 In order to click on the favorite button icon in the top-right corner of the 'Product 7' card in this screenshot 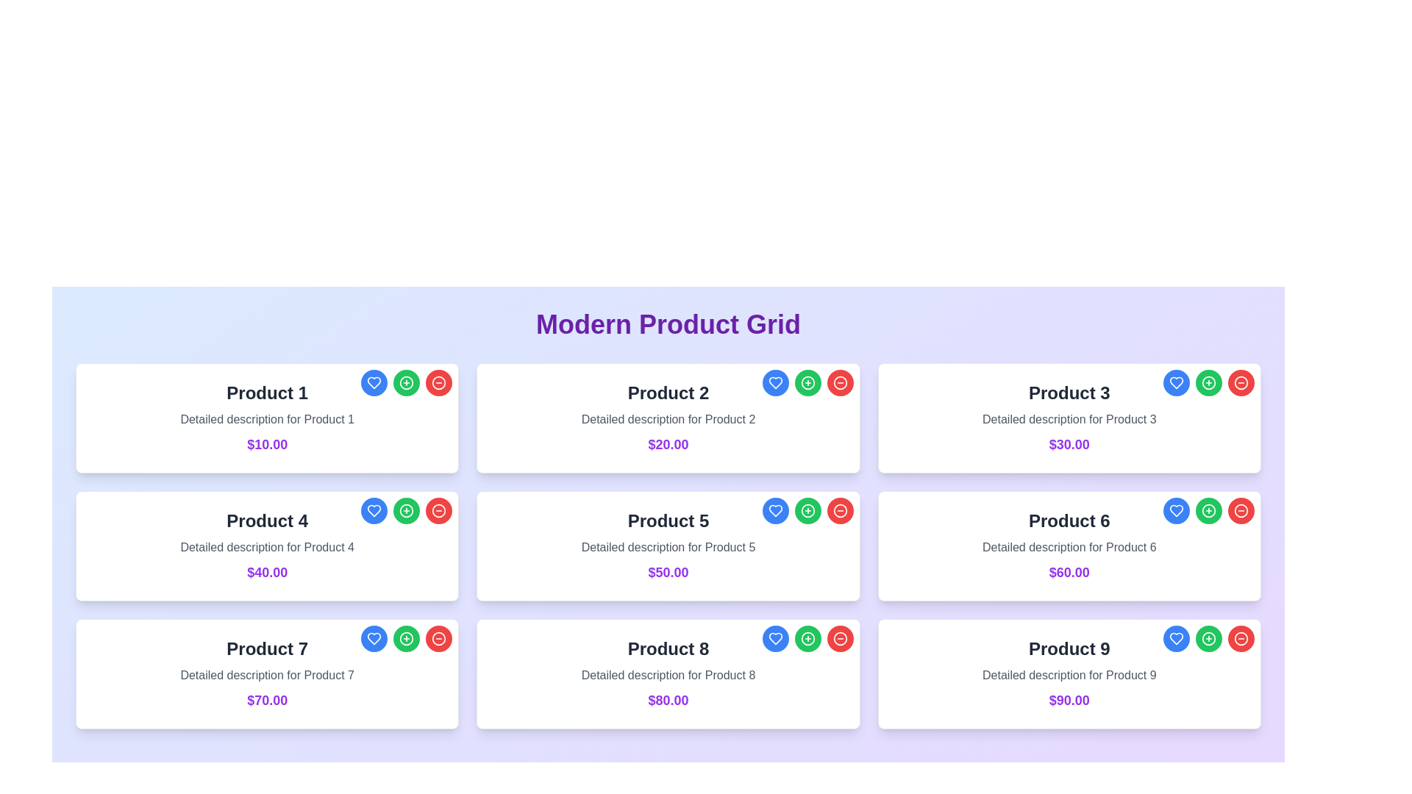, I will do `click(374, 509)`.